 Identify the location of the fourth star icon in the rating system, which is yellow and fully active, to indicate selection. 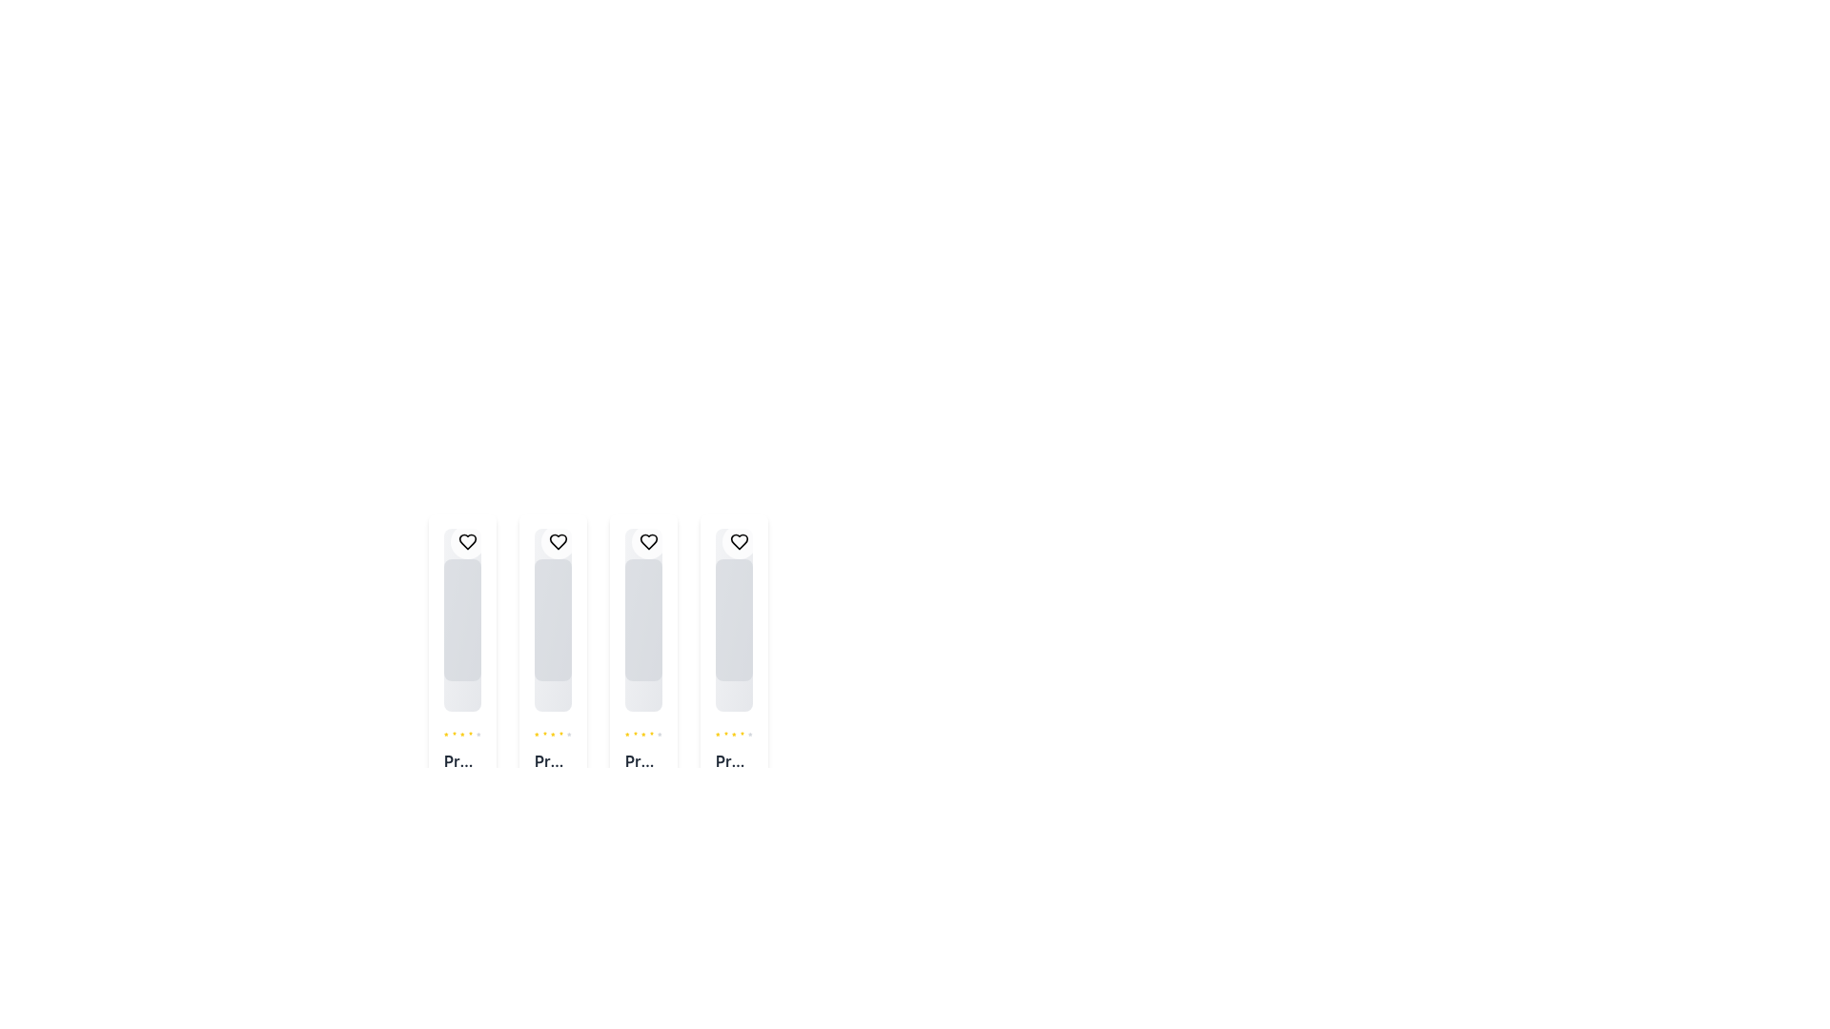
(552, 734).